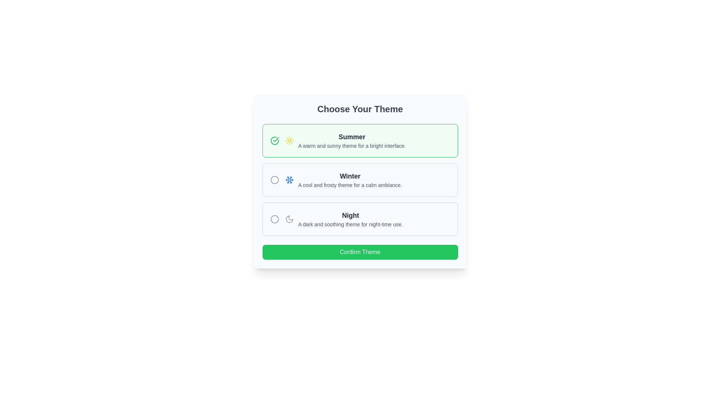  What do you see at coordinates (274, 180) in the screenshot?
I see `the circular radio-like icon` at bounding box center [274, 180].